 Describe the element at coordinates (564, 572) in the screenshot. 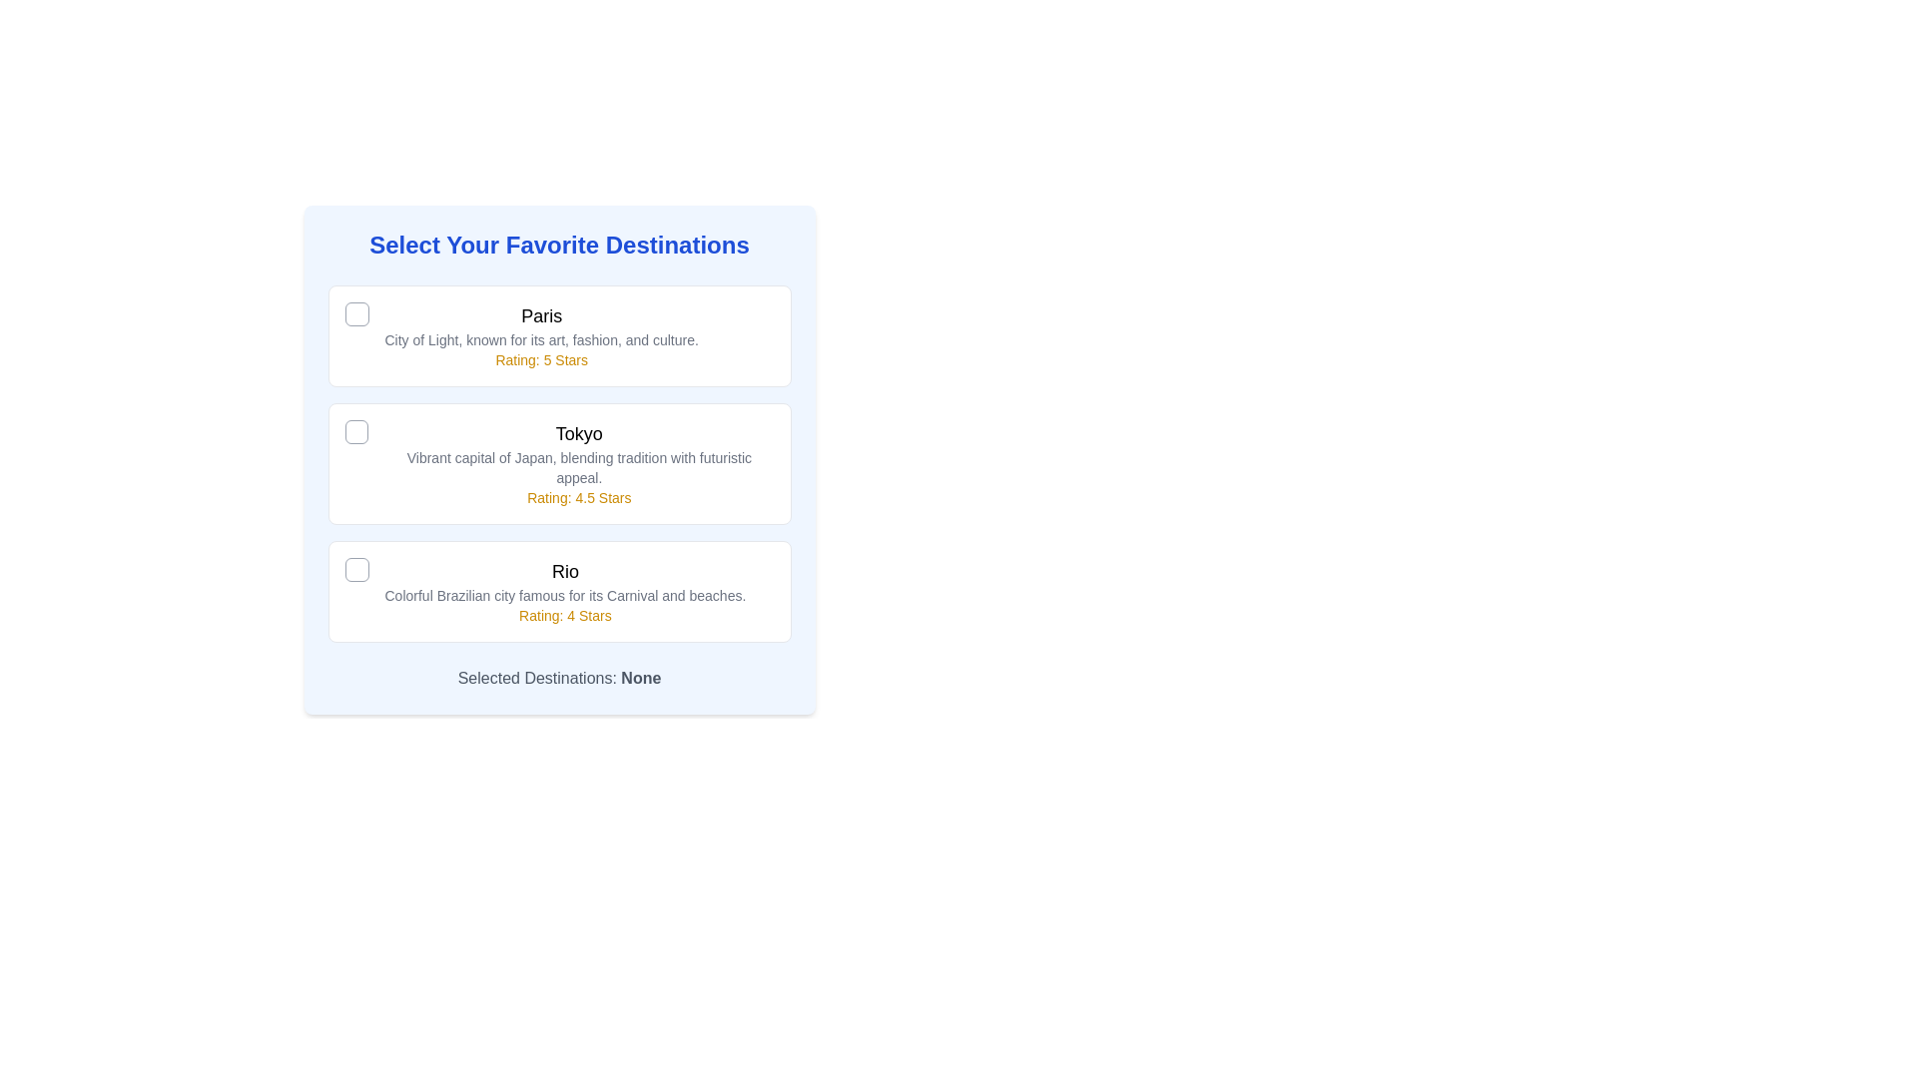

I see `the static text label for 'Rio', which serves as the title for the destination, to potentially trigger a style change or tooltip display` at that location.